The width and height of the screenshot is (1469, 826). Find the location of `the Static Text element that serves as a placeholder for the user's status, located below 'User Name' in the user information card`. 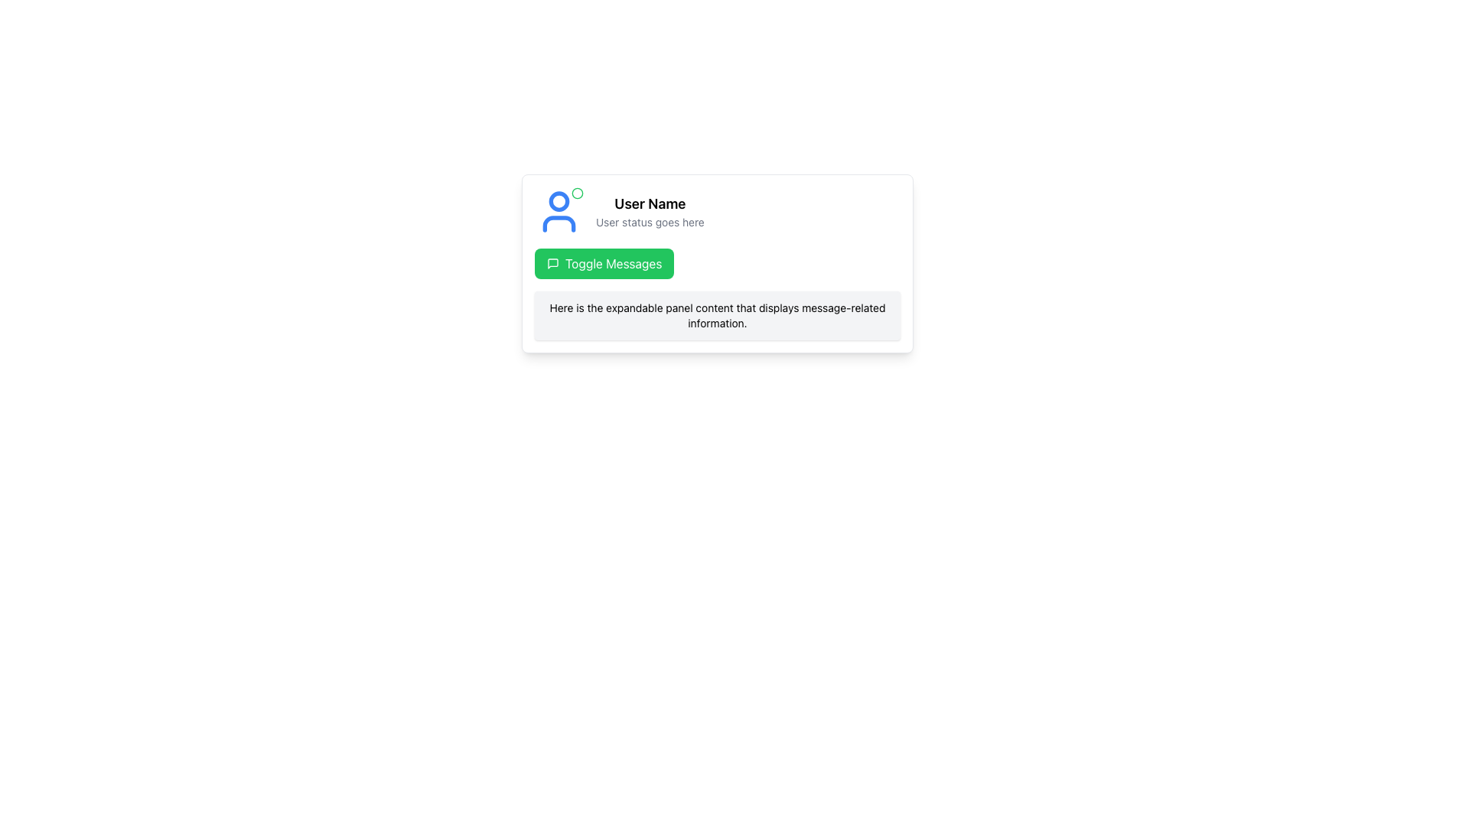

the Static Text element that serves as a placeholder for the user's status, located below 'User Name' in the user information card is located at coordinates (650, 222).